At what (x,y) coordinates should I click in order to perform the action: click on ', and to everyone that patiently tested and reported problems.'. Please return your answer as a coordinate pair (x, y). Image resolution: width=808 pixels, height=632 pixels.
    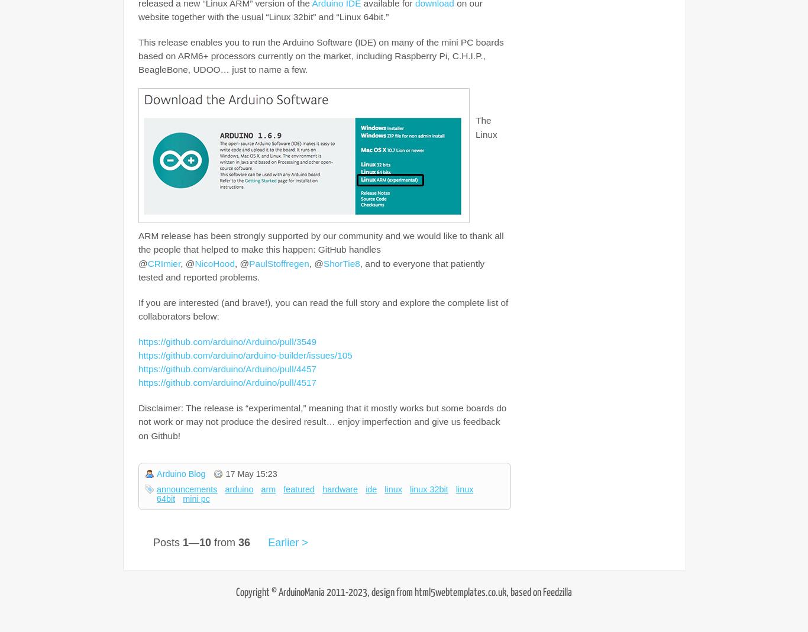
    Looking at the image, I should click on (311, 270).